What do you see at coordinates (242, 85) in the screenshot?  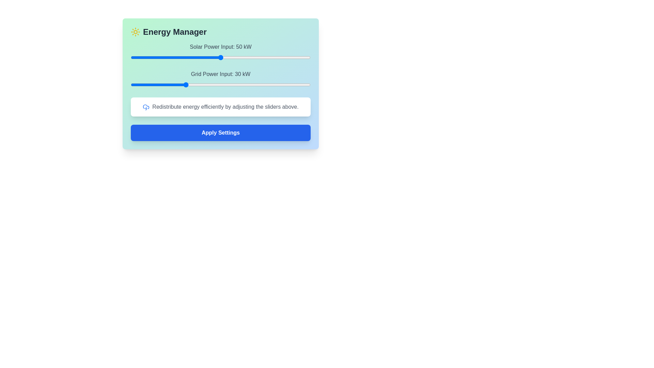 I see `the Grid Power Input slider to 62 kW` at bounding box center [242, 85].